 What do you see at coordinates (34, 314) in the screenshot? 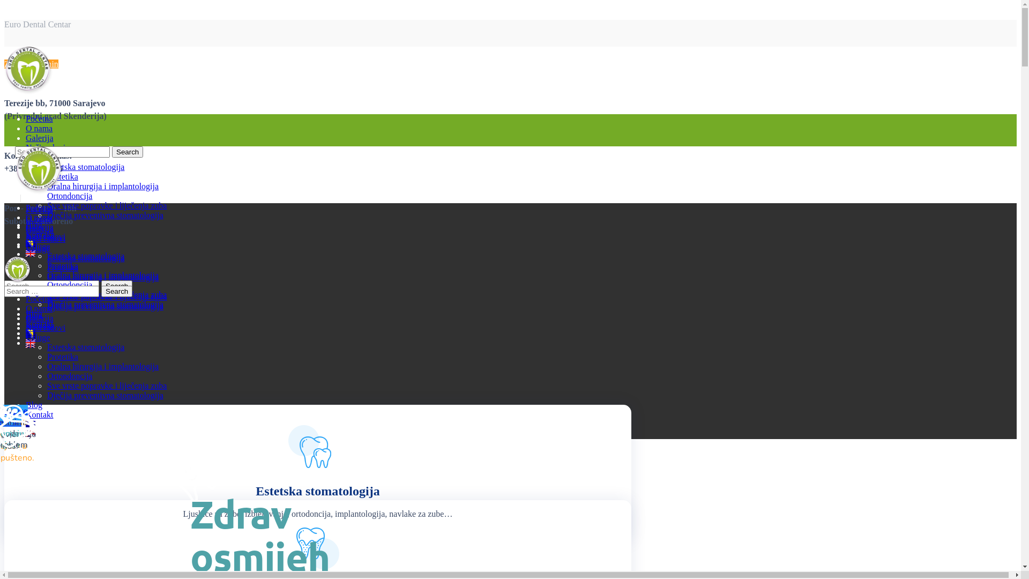
I see `'Blog'` at bounding box center [34, 314].